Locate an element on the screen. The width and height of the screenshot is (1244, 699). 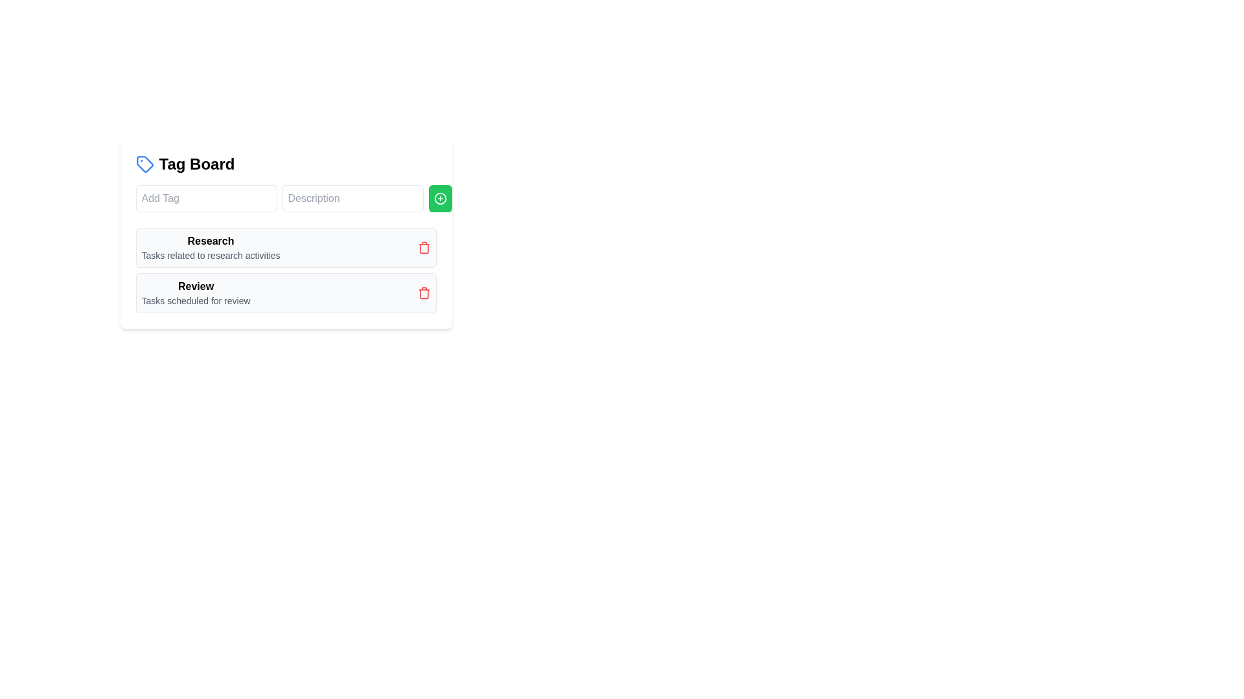
the blue tag icon located to the left of the text 'Tag Board', which has a white interior and a small blue dot near its center is located at coordinates (144, 164).